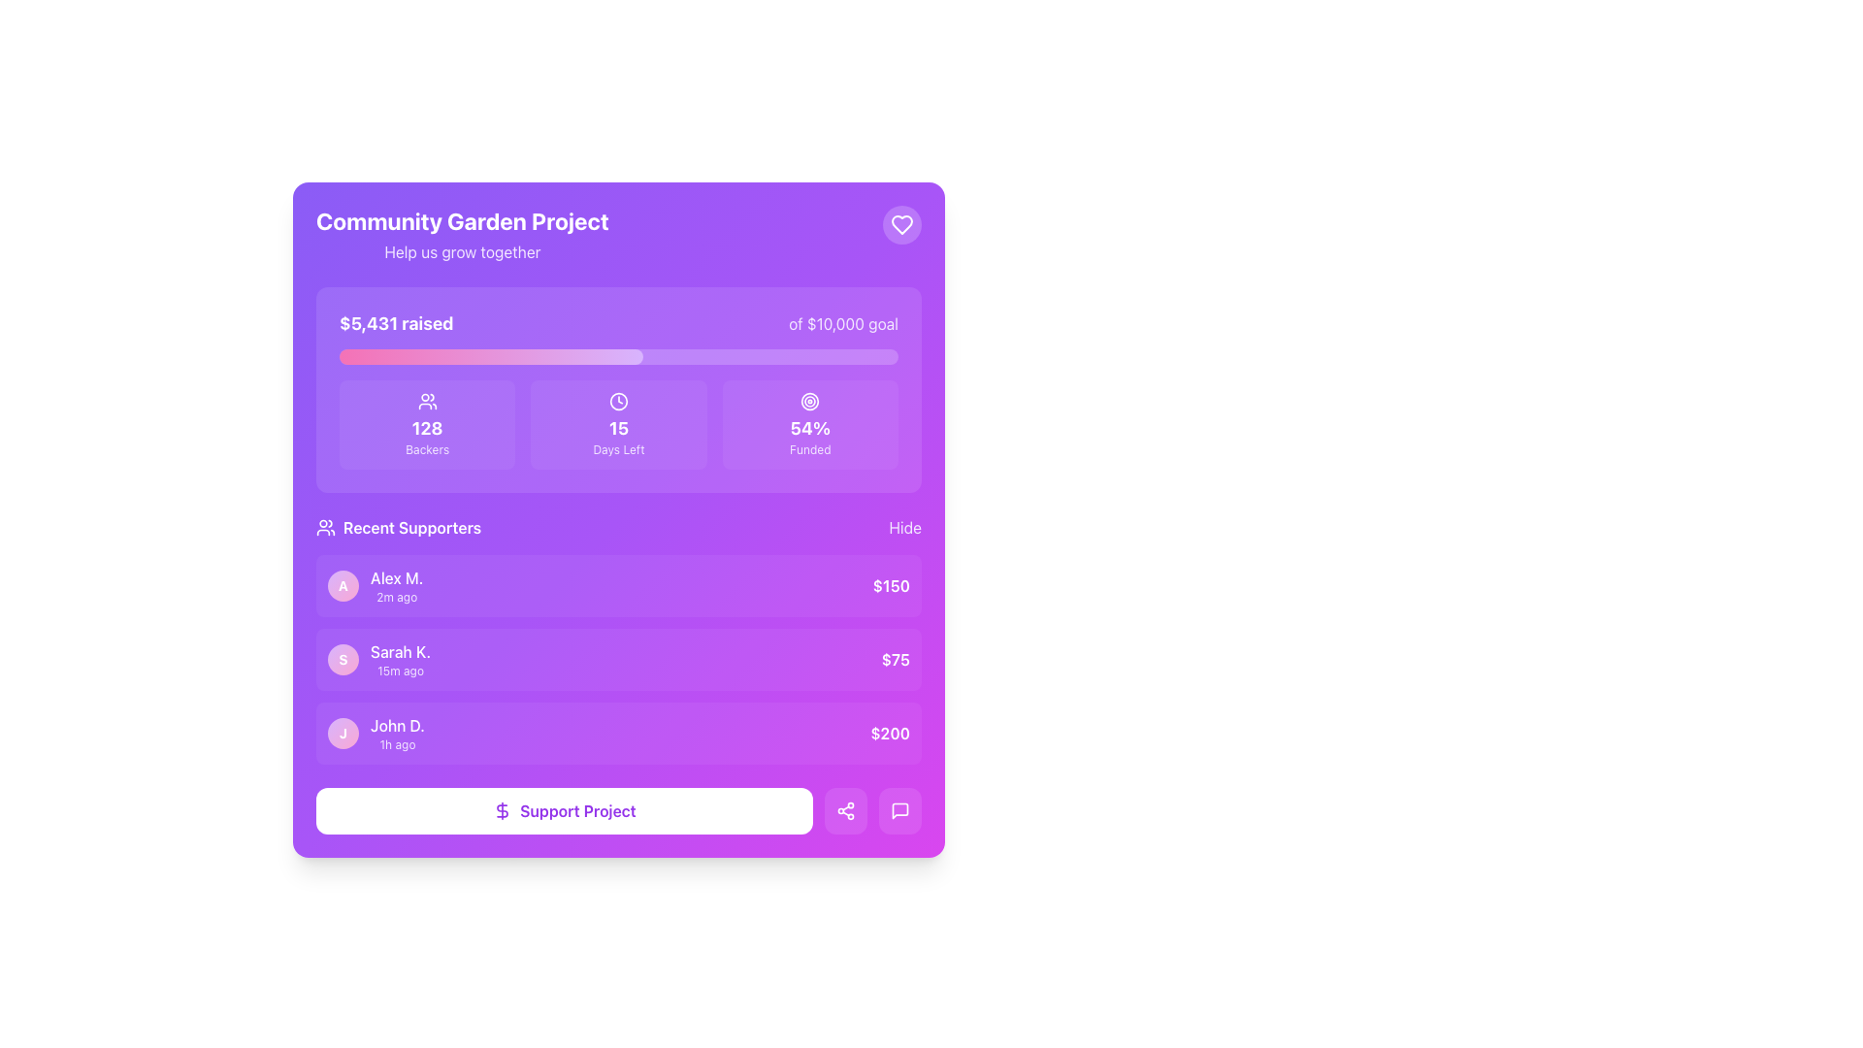  What do you see at coordinates (810, 424) in the screenshot?
I see `the Informational card displaying the funding progress of the project, labeled 'Funded', located in the third column of the grid layout` at bounding box center [810, 424].